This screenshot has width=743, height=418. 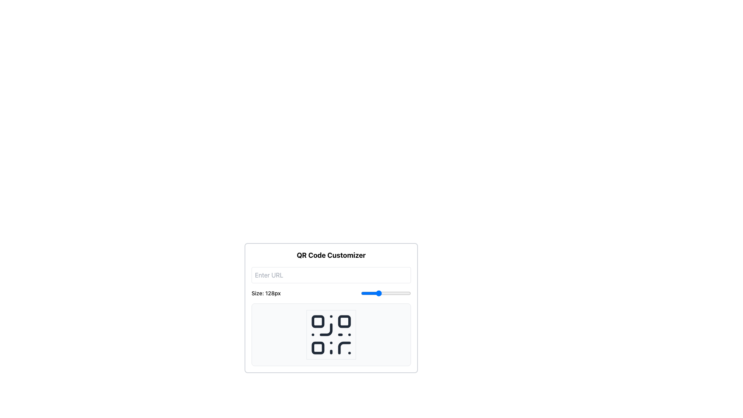 What do you see at coordinates (266, 293) in the screenshot?
I see `the text label reading 'Size: 128px' located within the QR Code Customizer card, positioned near the top left of the section with a slider bar to its right` at bounding box center [266, 293].